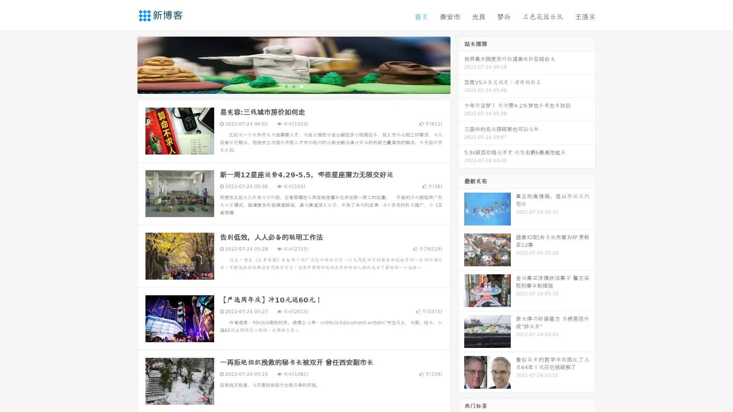 The width and height of the screenshot is (733, 412). What do you see at coordinates (301, 86) in the screenshot?
I see `Go to slide 3` at bounding box center [301, 86].